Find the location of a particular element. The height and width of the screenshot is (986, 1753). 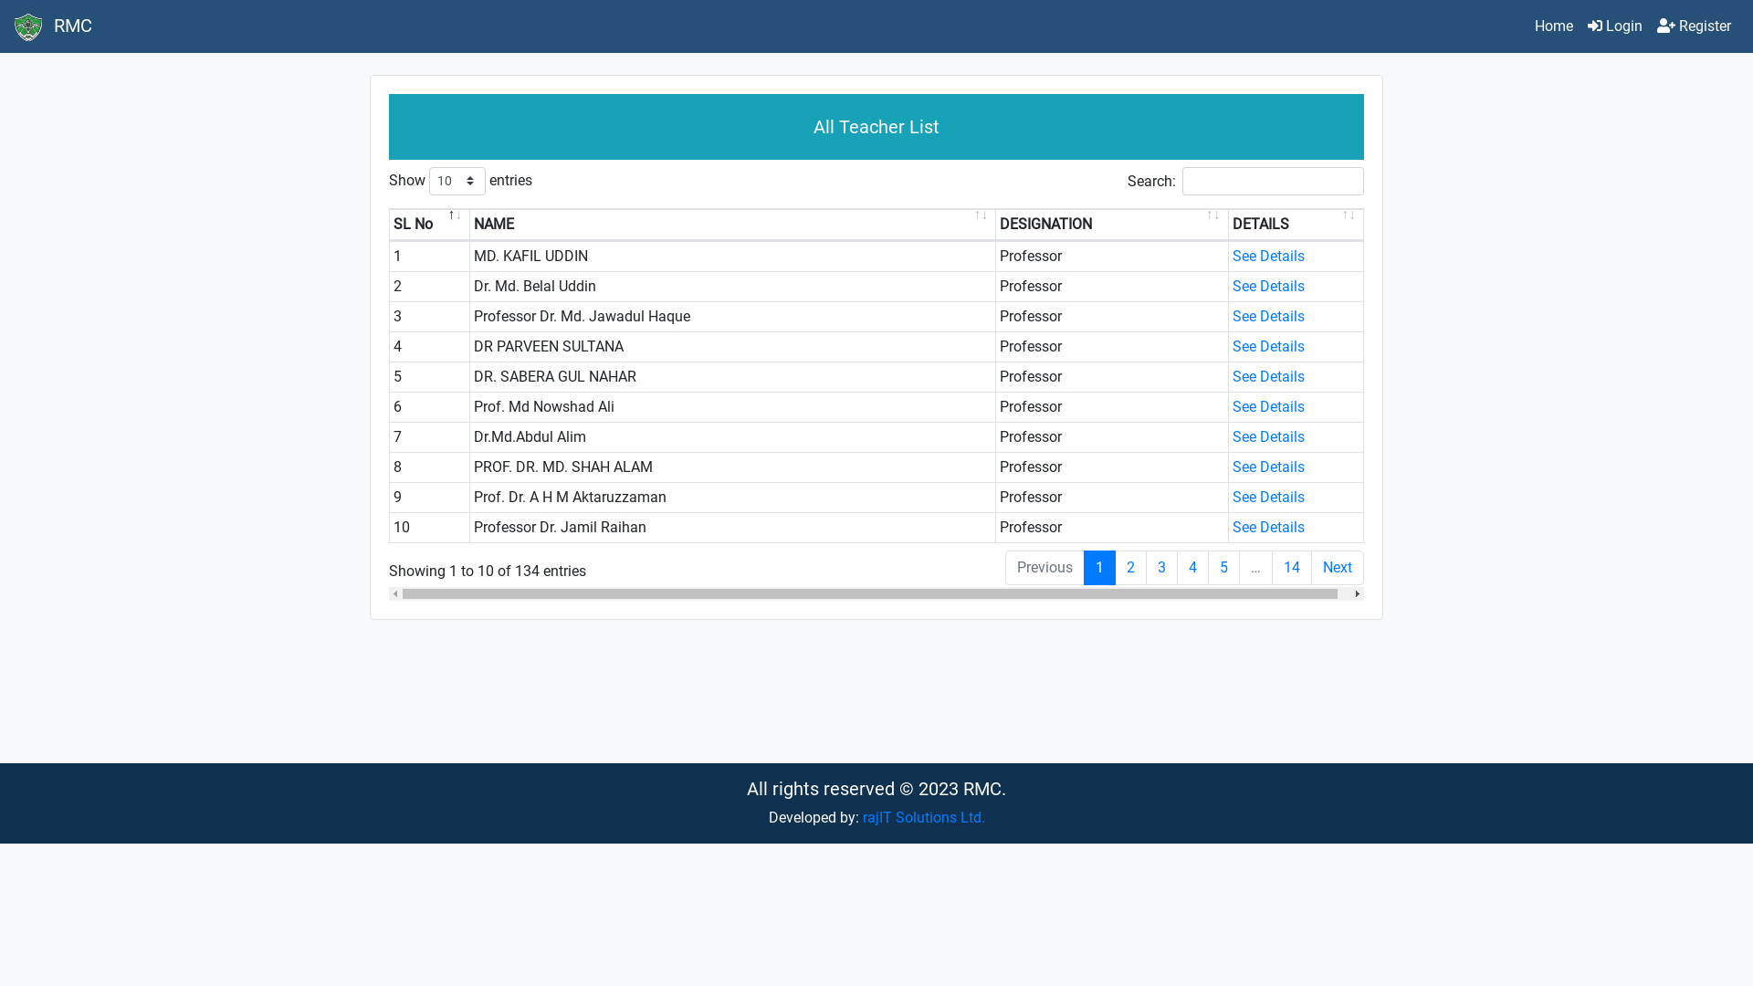

'RMC' is located at coordinates (53, 26).